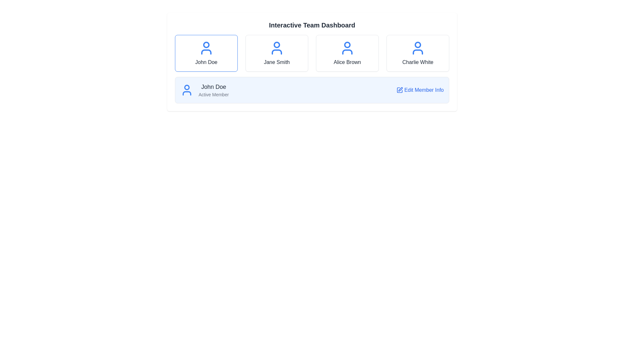 The width and height of the screenshot is (621, 349). What do you see at coordinates (186, 93) in the screenshot?
I see `the lower part of the user icon representing the shoulders of the figure, located above the text 'John Doe'` at bounding box center [186, 93].